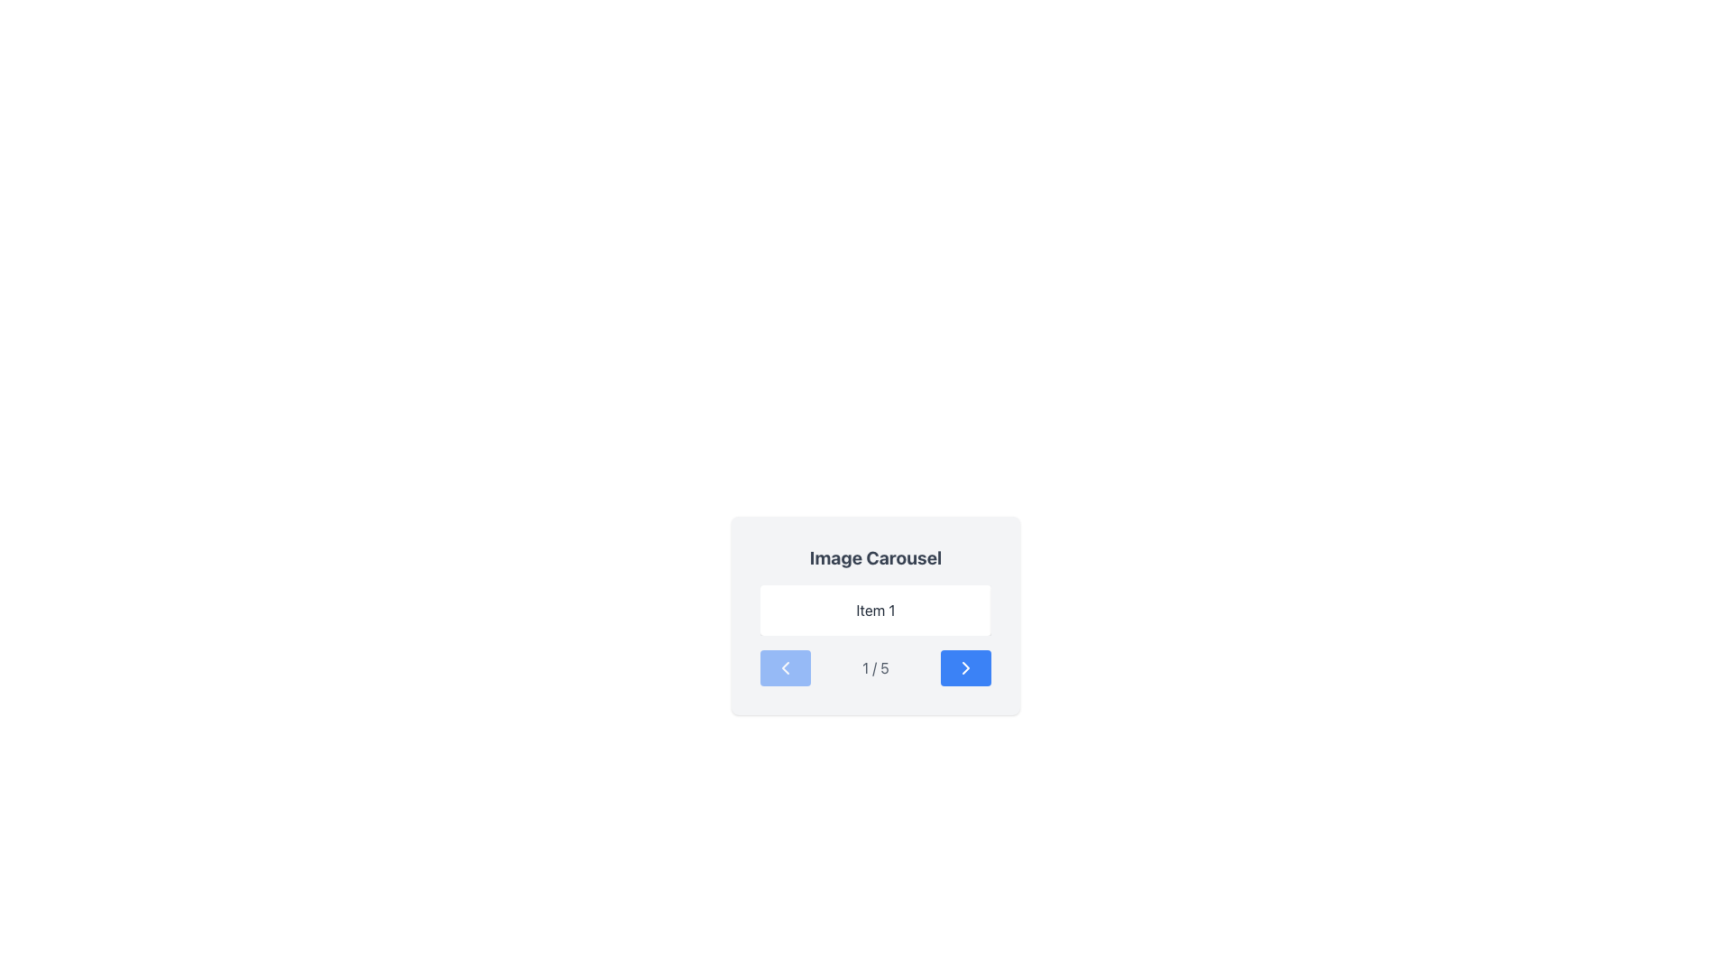  I want to click on to interact with the Carousel Item List, which features rounded corners and a white background, positioned centrally beneath the 'Image Carousel' title, so click(875, 610).